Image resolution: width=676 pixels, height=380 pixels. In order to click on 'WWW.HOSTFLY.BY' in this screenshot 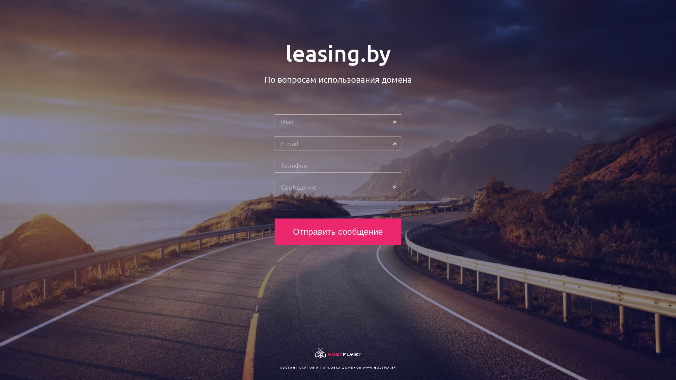, I will do `click(379, 367)`.